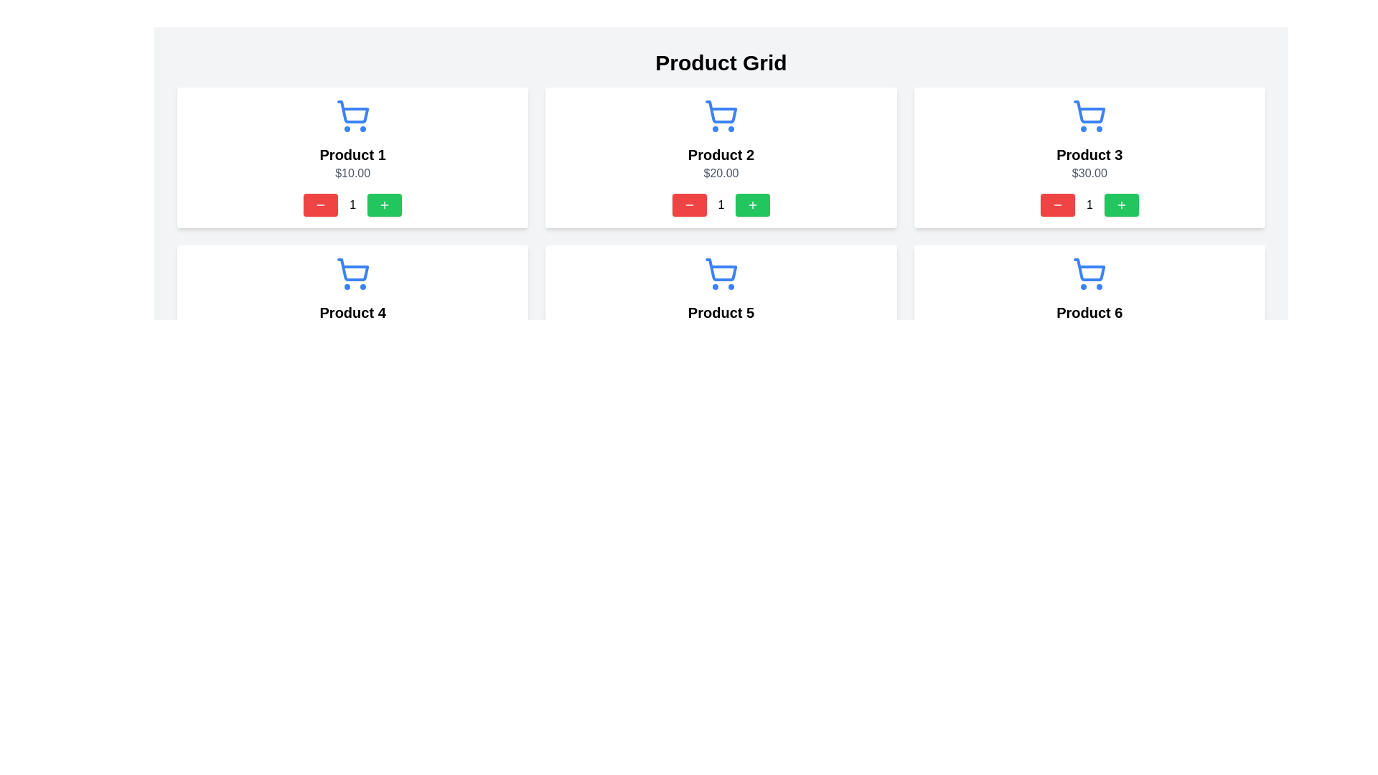 This screenshot has width=1378, height=775. Describe the element at coordinates (1089, 173) in the screenshot. I see `the Text Label displaying the price value '$30.00' located within the 'Product 3' section, positioned below the 'Product 3' title and above the quantity adjustment controls` at that location.